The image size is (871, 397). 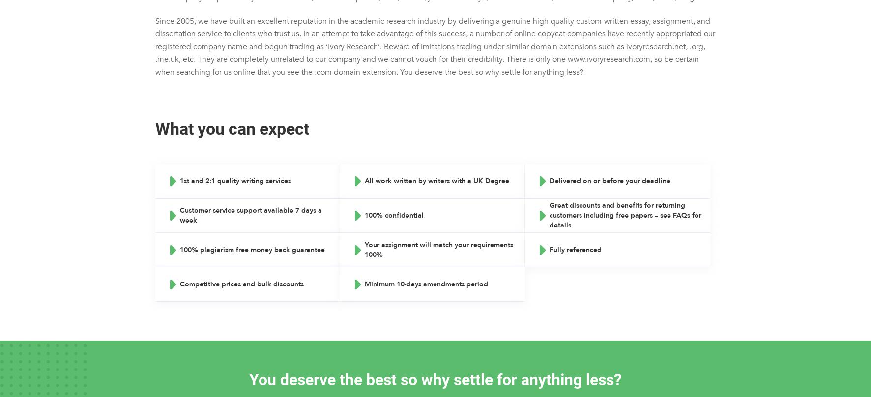 What do you see at coordinates (364, 102) in the screenshot?
I see `'Cover Letter Writing'` at bounding box center [364, 102].